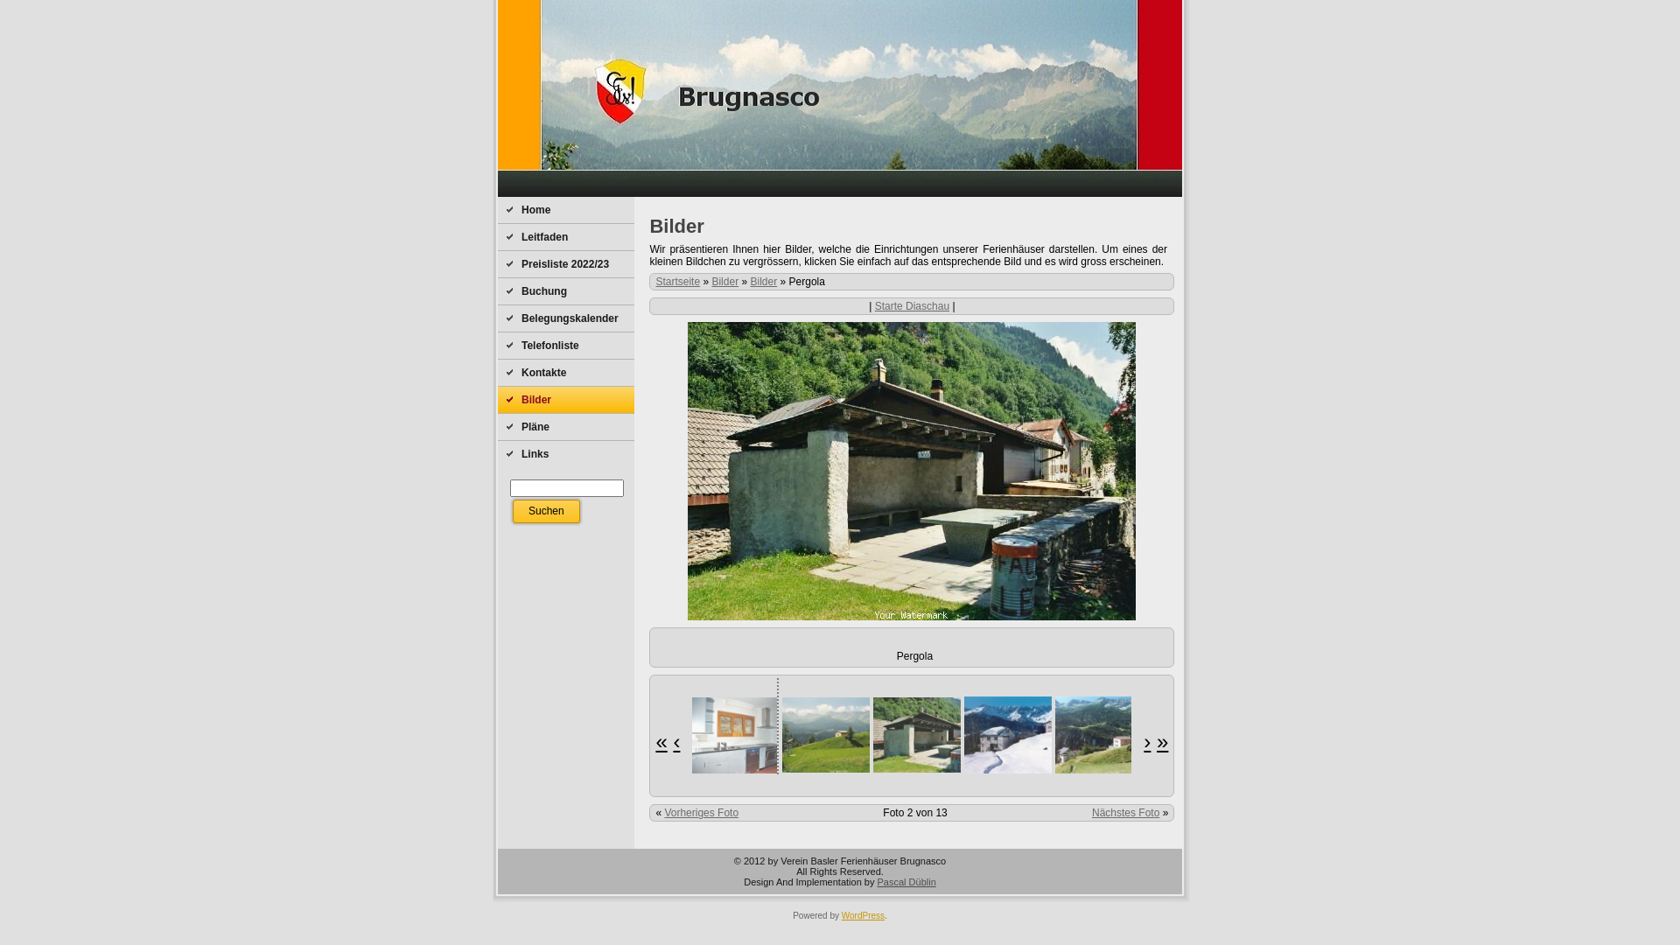 The width and height of the screenshot is (1680, 945). I want to click on 'Startseite', so click(676, 280).